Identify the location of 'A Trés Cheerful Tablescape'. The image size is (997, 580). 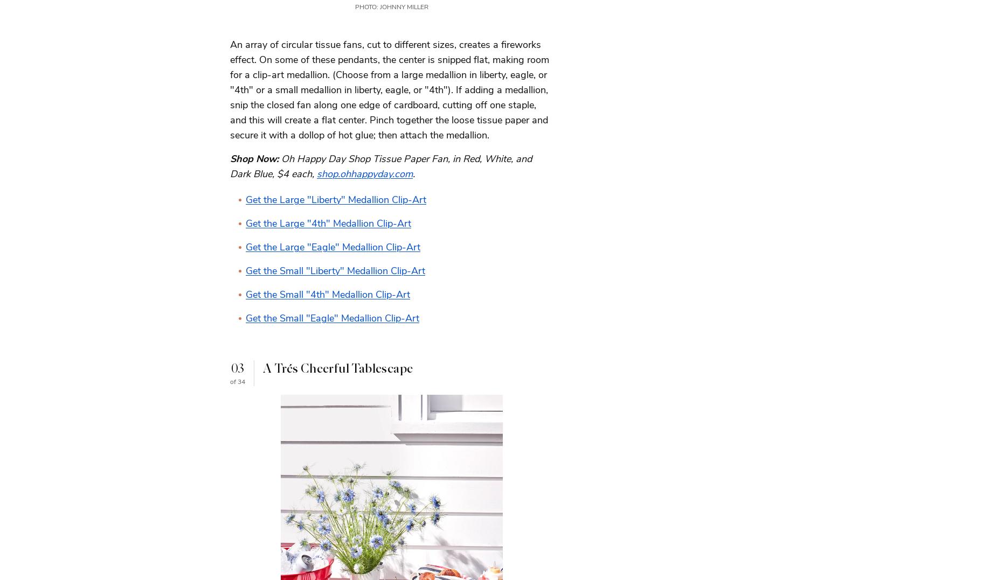
(337, 368).